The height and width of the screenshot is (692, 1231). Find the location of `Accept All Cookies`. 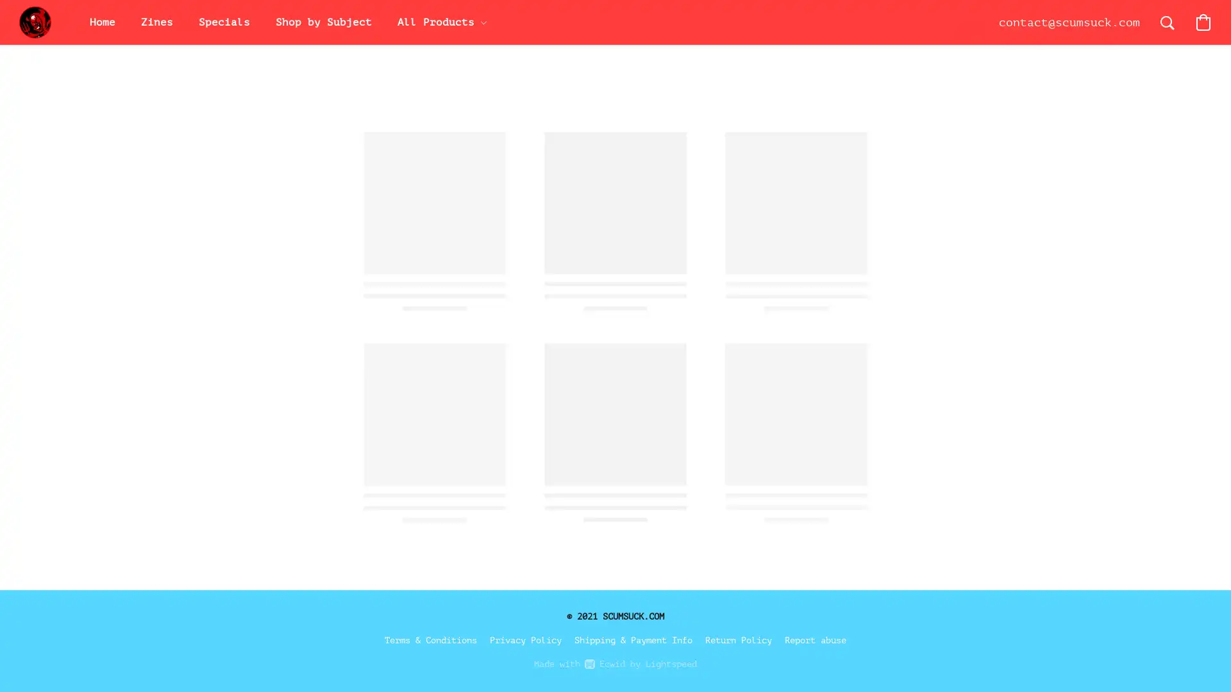

Accept All Cookies is located at coordinates (1050, 425).